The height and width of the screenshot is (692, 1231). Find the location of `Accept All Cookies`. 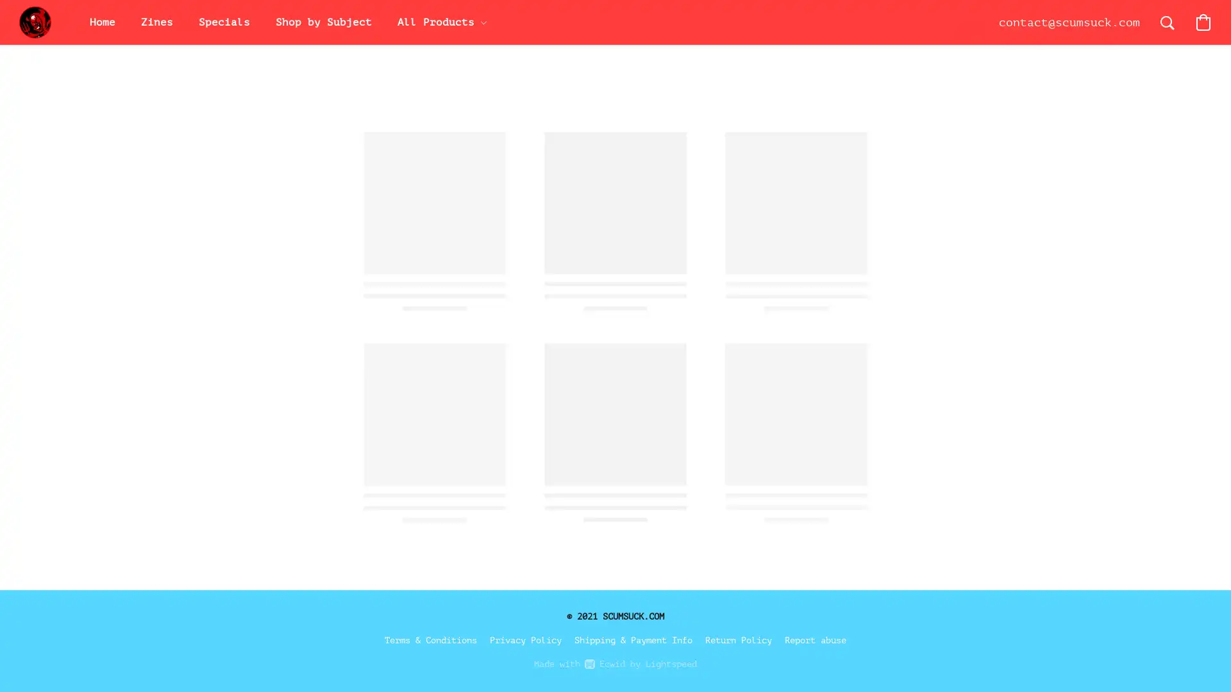

Accept All Cookies is located at coordinates (1050, 425).